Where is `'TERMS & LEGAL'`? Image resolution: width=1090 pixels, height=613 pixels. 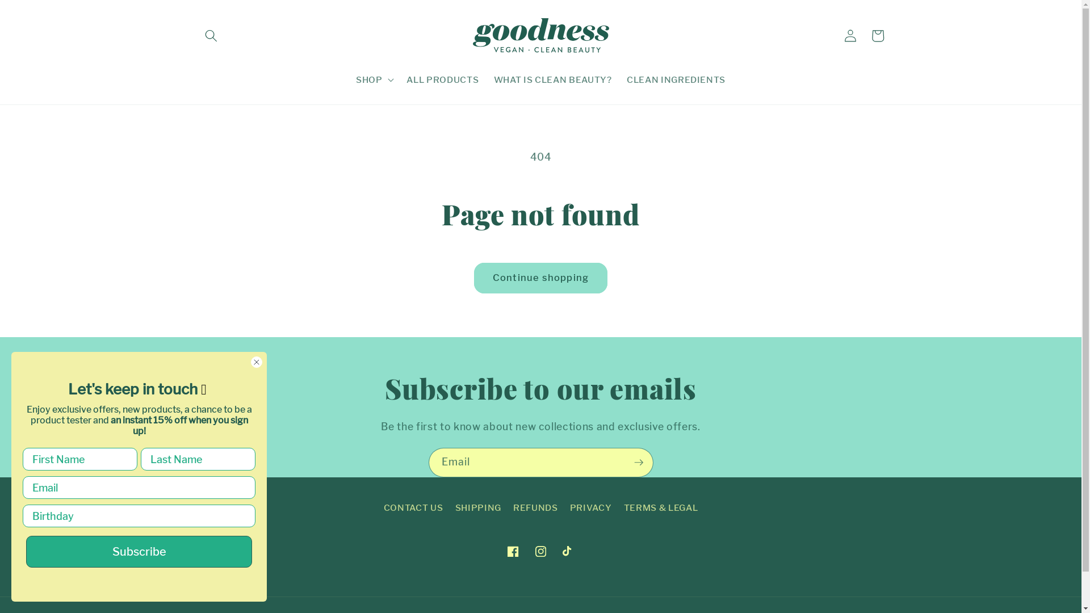 'TERMS & LEGAL' is located at coordinates (661, 507).